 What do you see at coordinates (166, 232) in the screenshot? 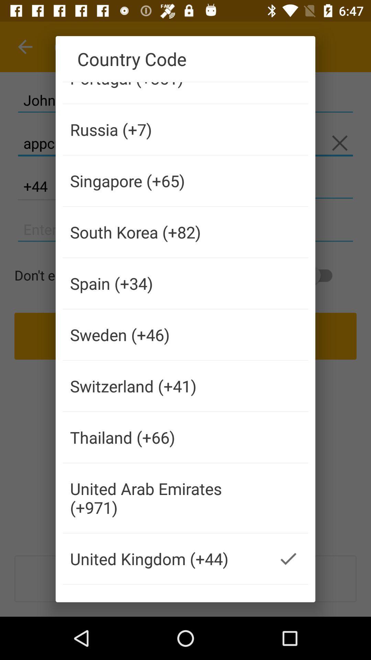
I see `icon above spain (+34) item` at bounding box center [166, 232].